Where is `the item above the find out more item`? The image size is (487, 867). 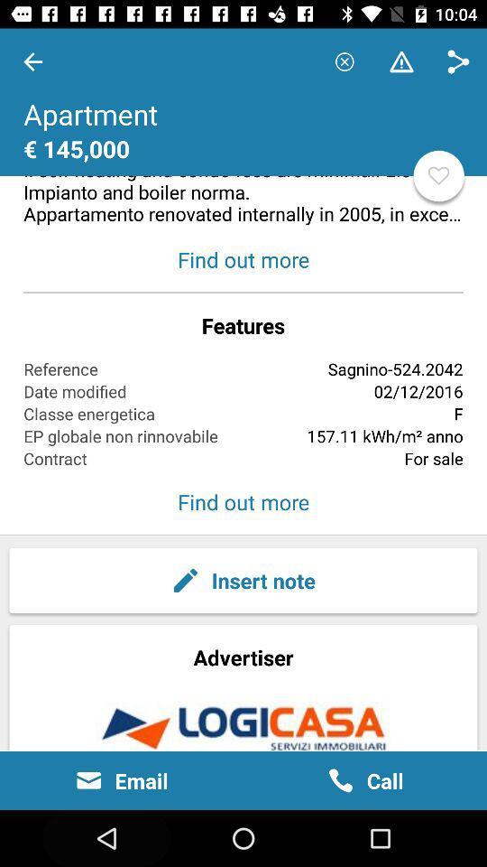
the item above the find out more item is located at coordinates (243, 126).